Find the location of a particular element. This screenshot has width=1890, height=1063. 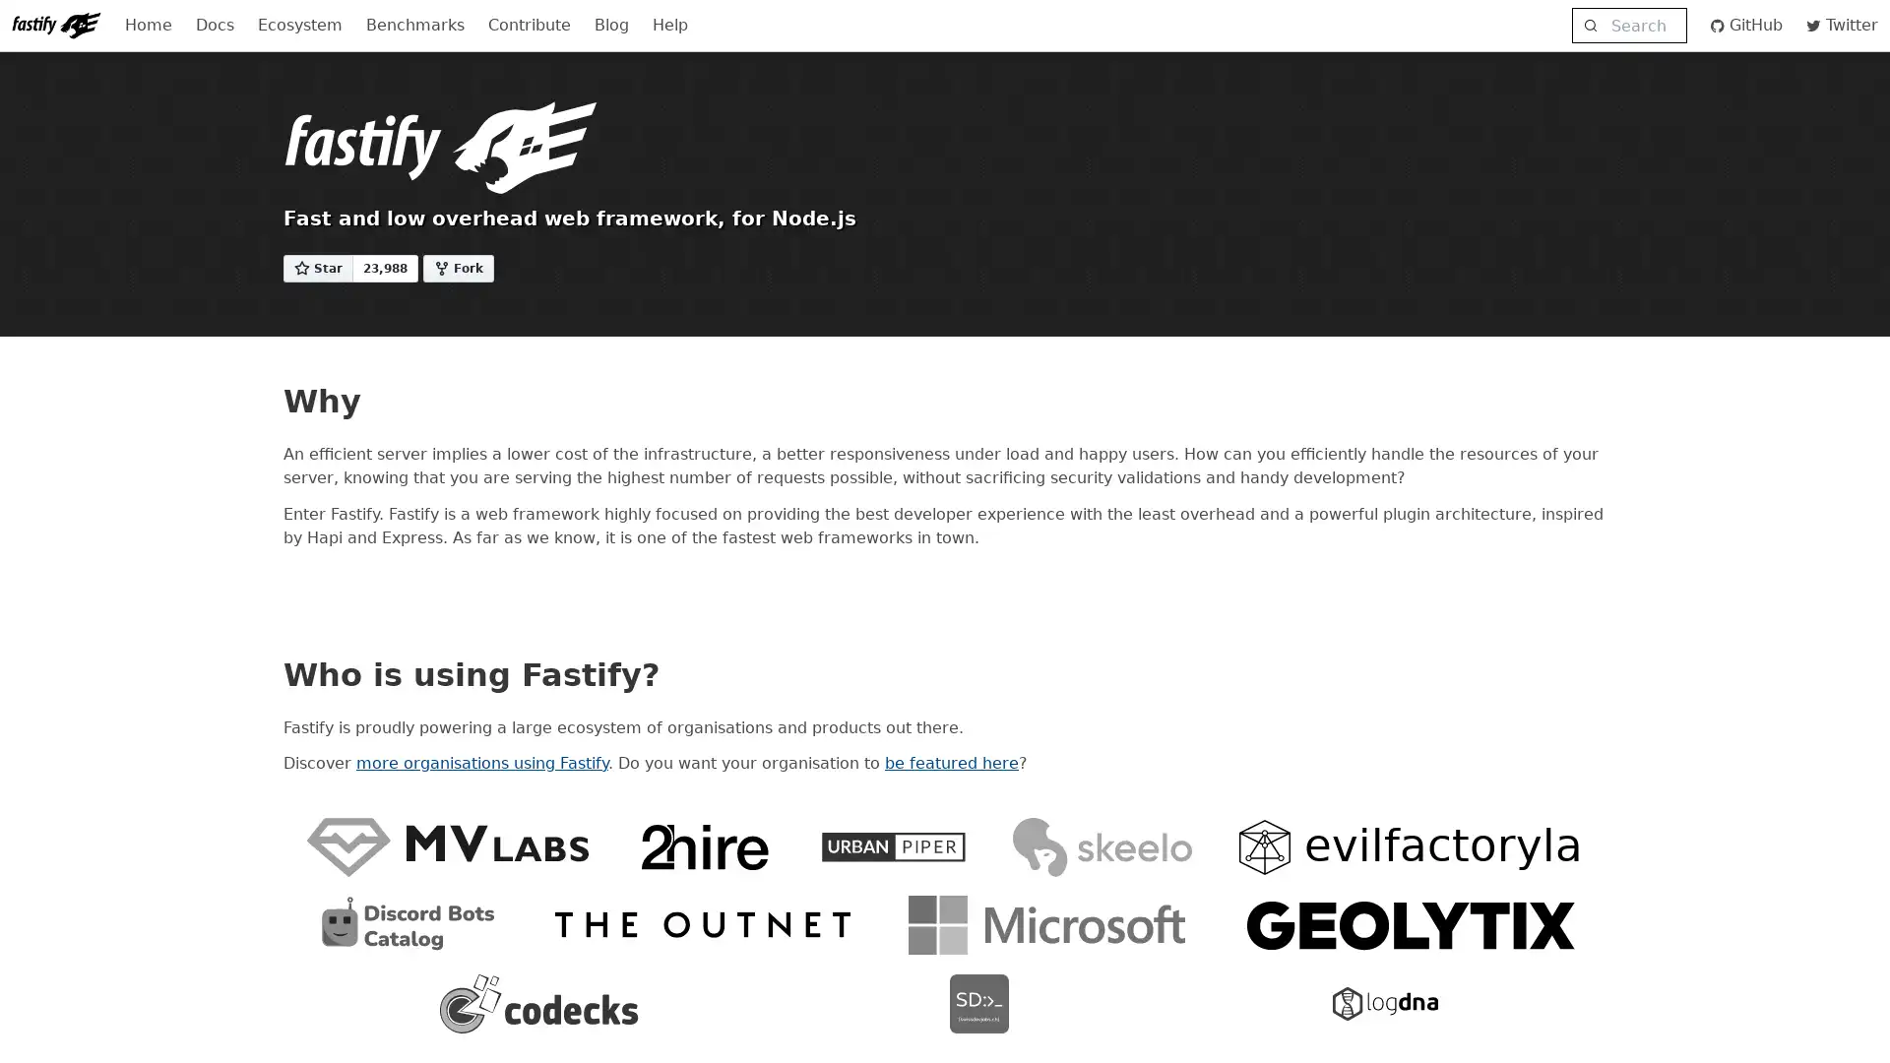

Search is located at coordinates (1628, 26).